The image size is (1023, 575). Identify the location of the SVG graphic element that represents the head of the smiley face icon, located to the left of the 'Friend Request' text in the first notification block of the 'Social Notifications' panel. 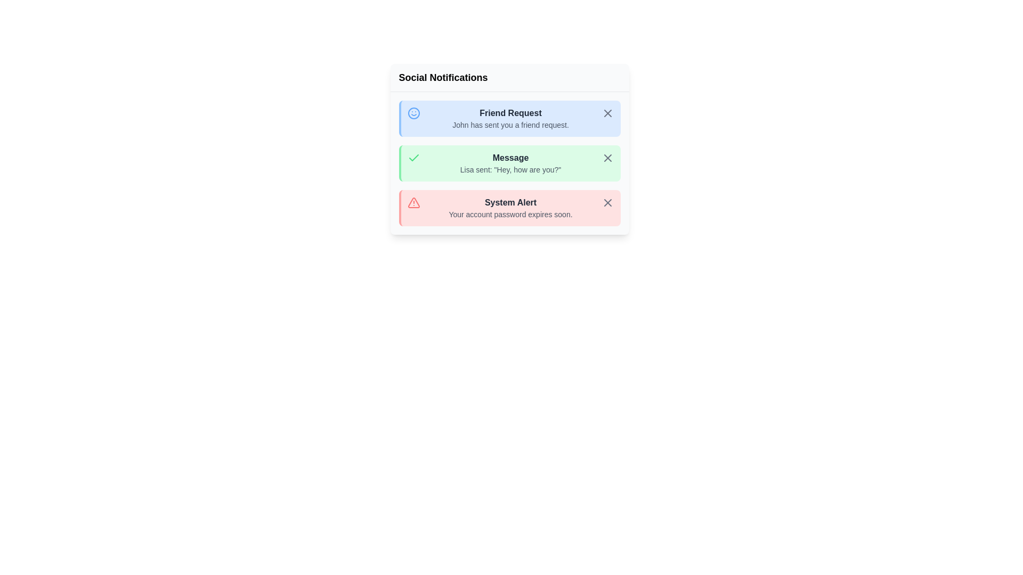
(413, 113).